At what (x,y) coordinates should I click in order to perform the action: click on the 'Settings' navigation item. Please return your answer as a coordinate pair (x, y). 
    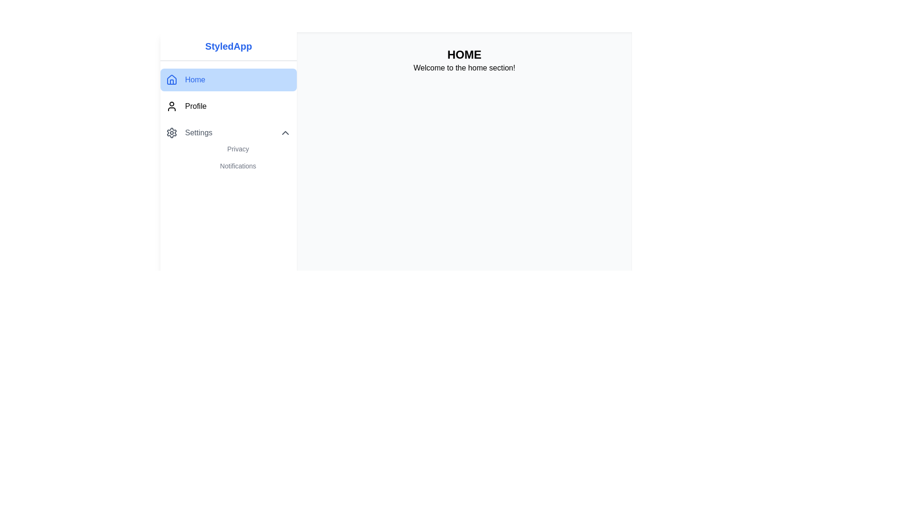
    Looking at the image, I should click on (189, 133).